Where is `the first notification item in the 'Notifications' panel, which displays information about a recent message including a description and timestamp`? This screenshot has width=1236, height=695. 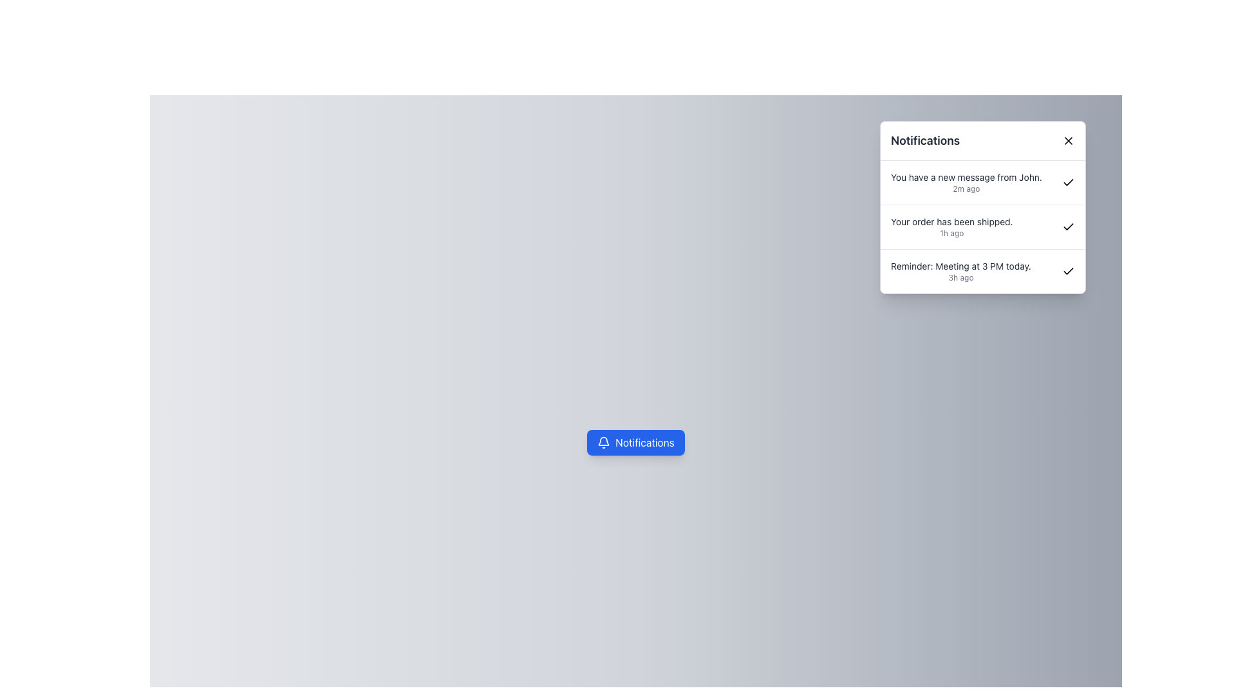
the first notification item in the 'Notifications' panel, which displays information about a recent message including a description and timestamp is located at coordinates (966, 183).